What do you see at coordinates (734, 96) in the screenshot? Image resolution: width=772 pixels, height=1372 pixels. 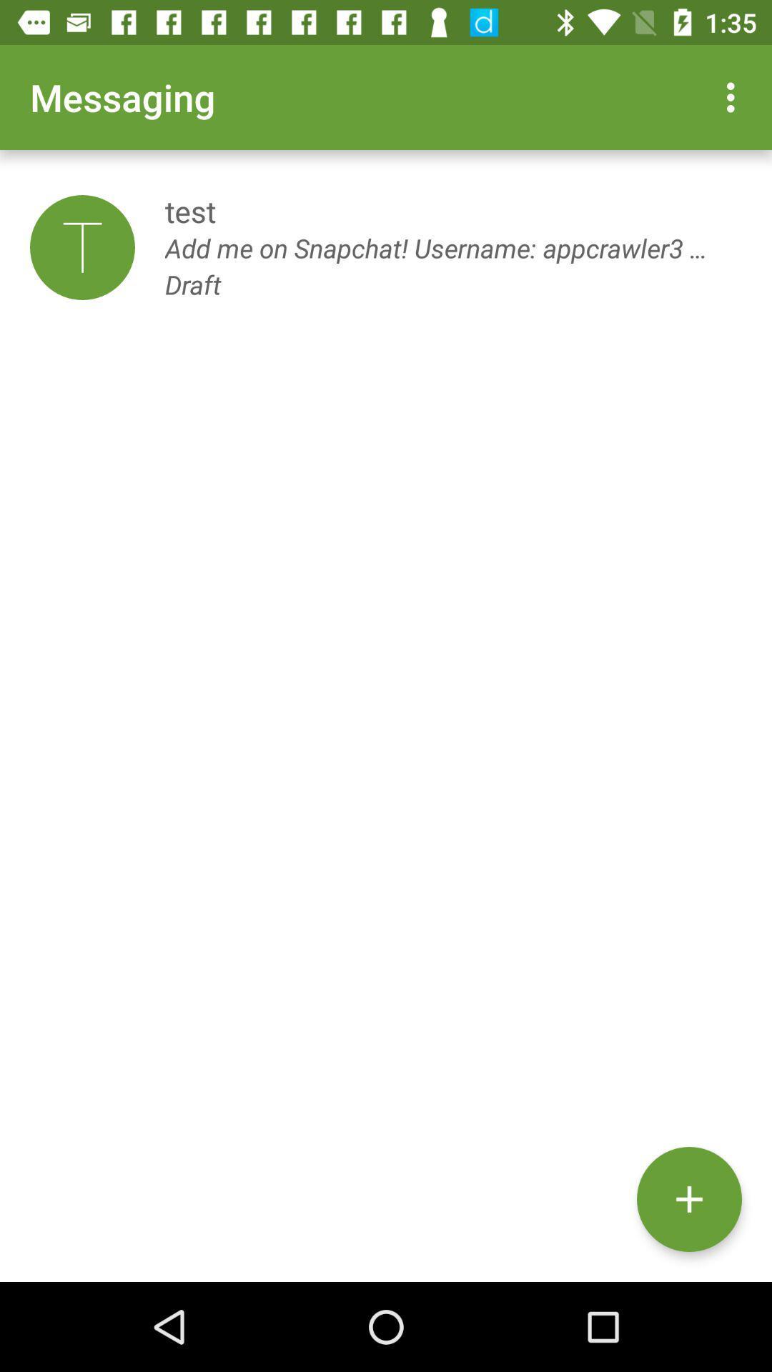 I see `icon above test item` at bounding box center [734, 96].